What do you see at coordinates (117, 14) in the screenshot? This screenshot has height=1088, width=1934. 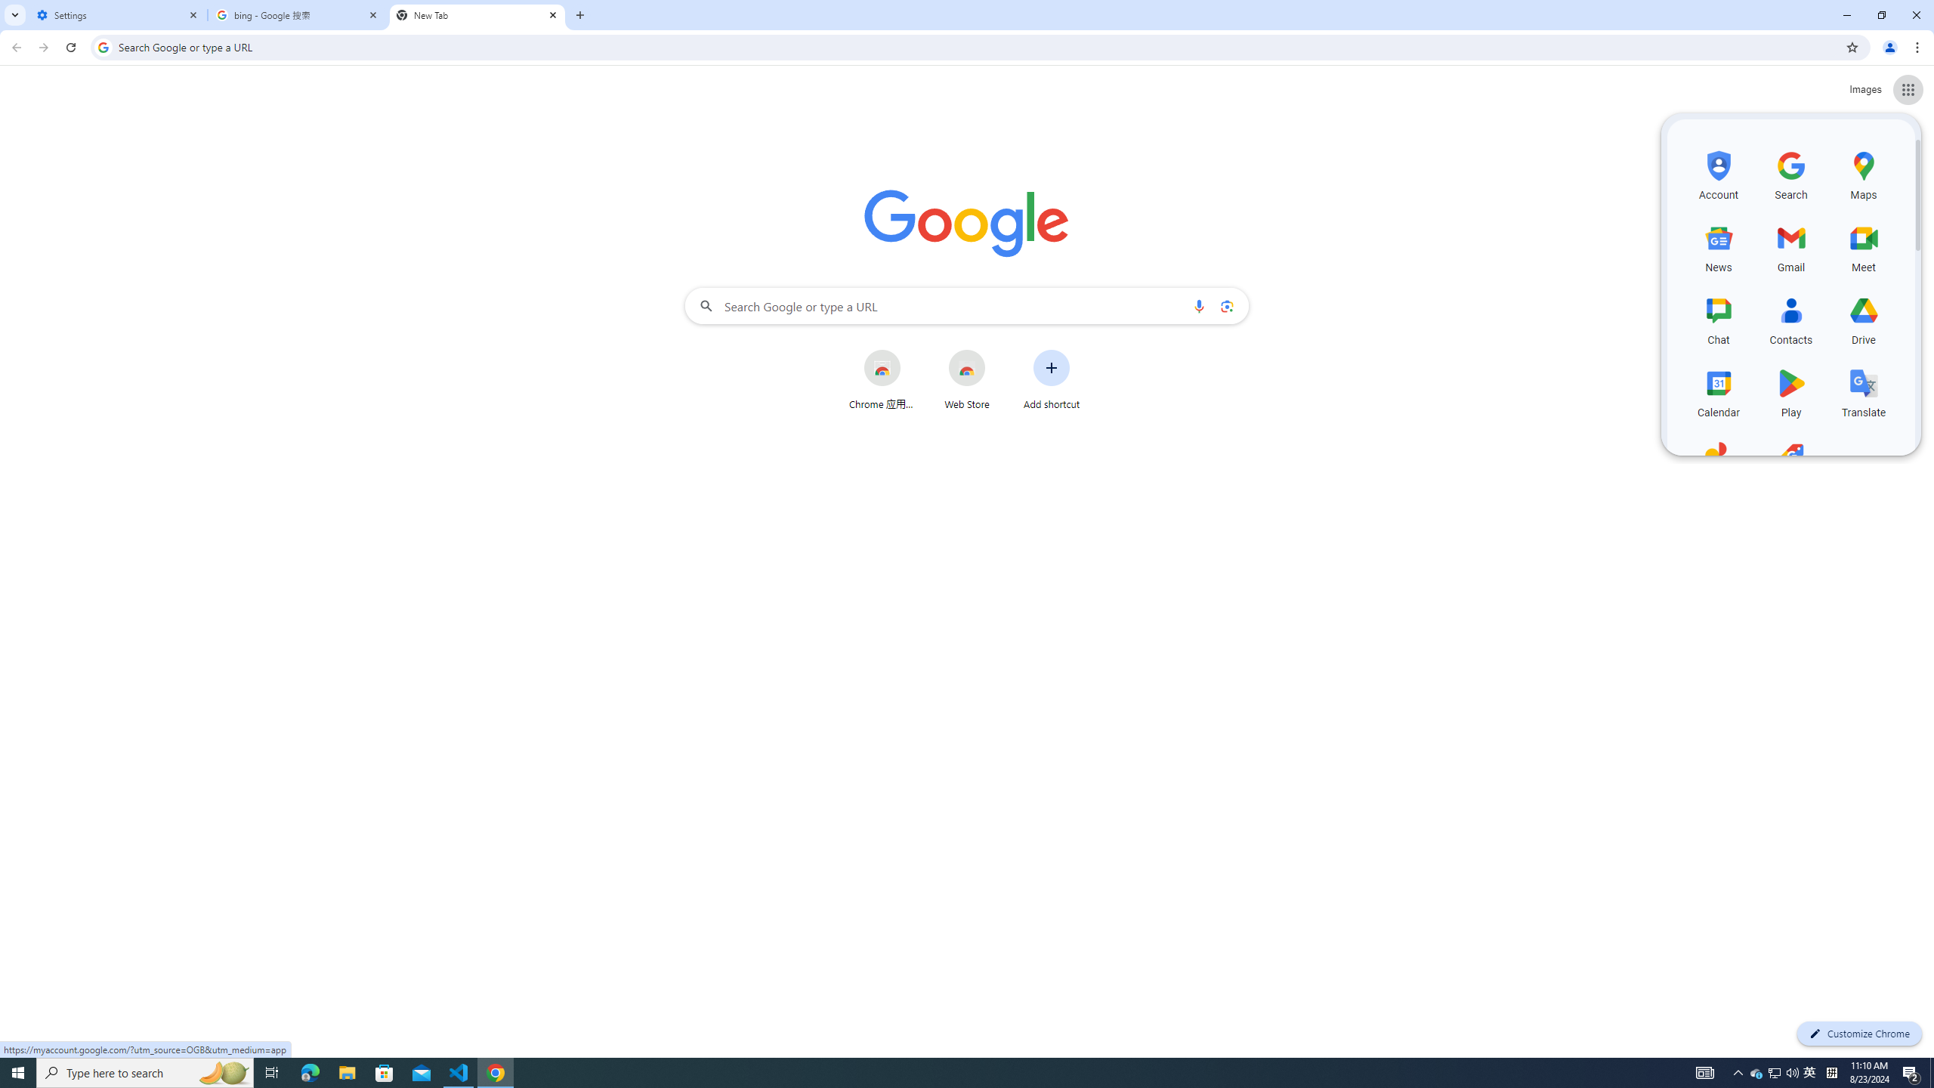 I see `'Settings'` at bounding box center [117, 14].